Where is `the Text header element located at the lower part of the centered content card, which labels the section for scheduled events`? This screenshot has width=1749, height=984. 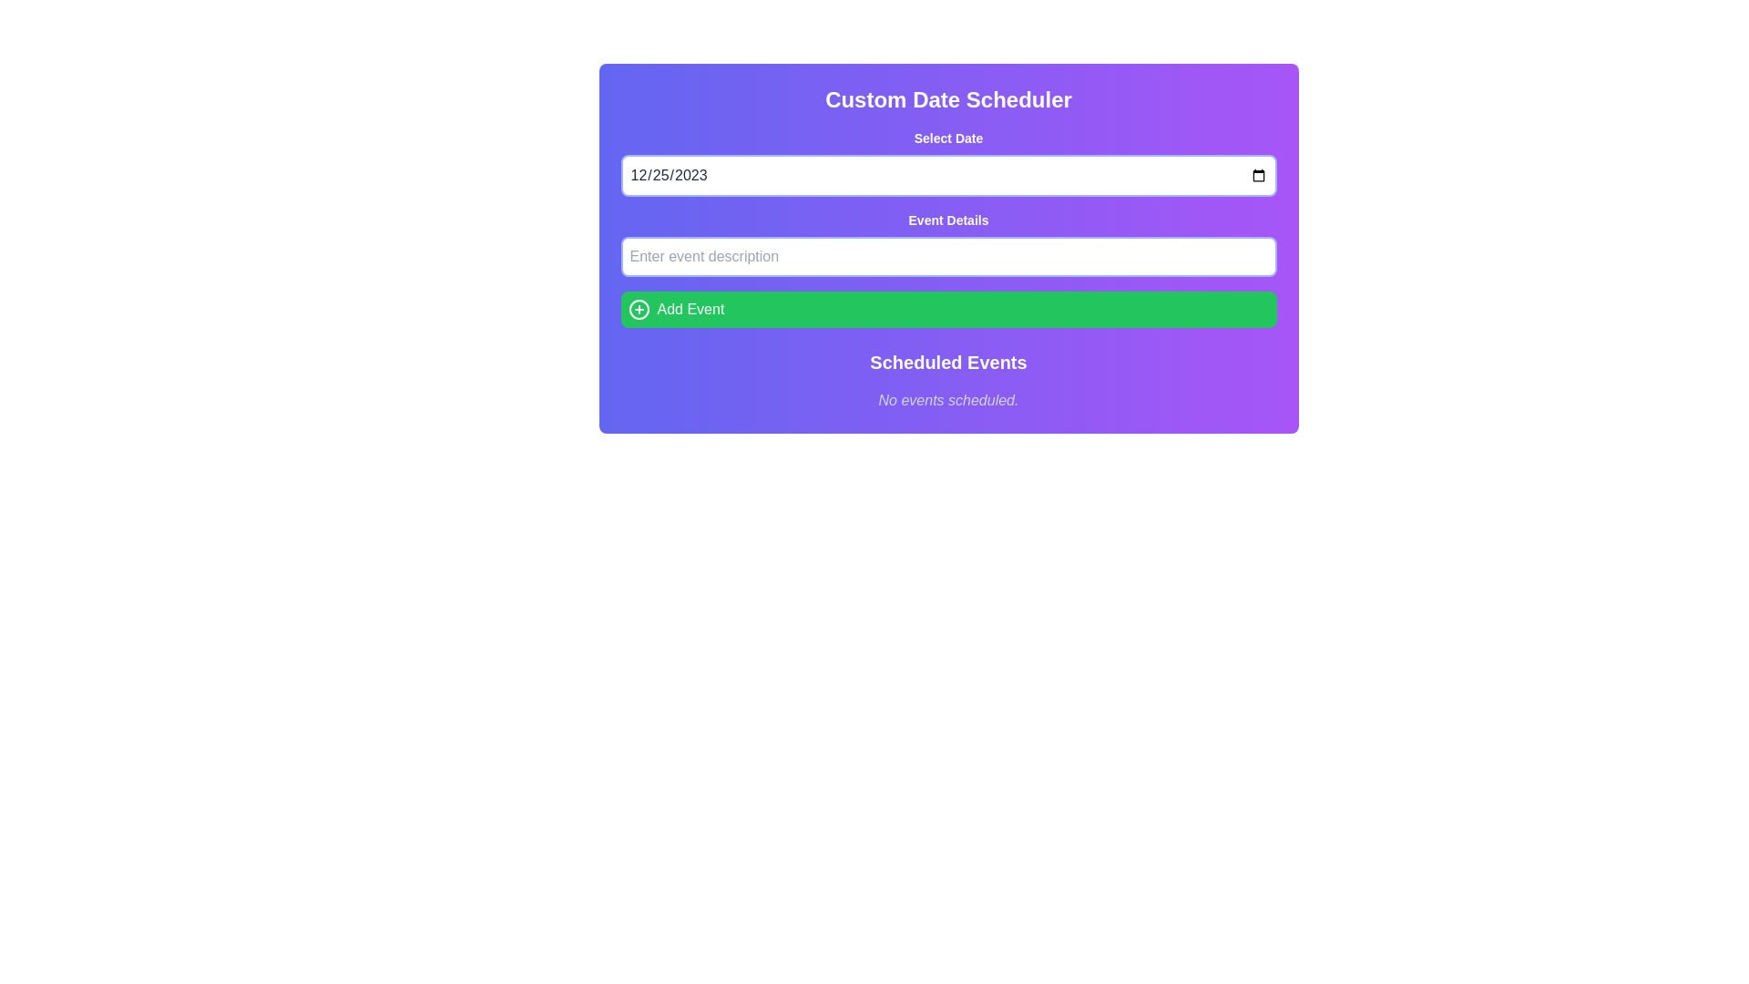 the Text header element located at the lower part of the centered content card, which labels the section for scheduled events is located at coordinates (947, 362).